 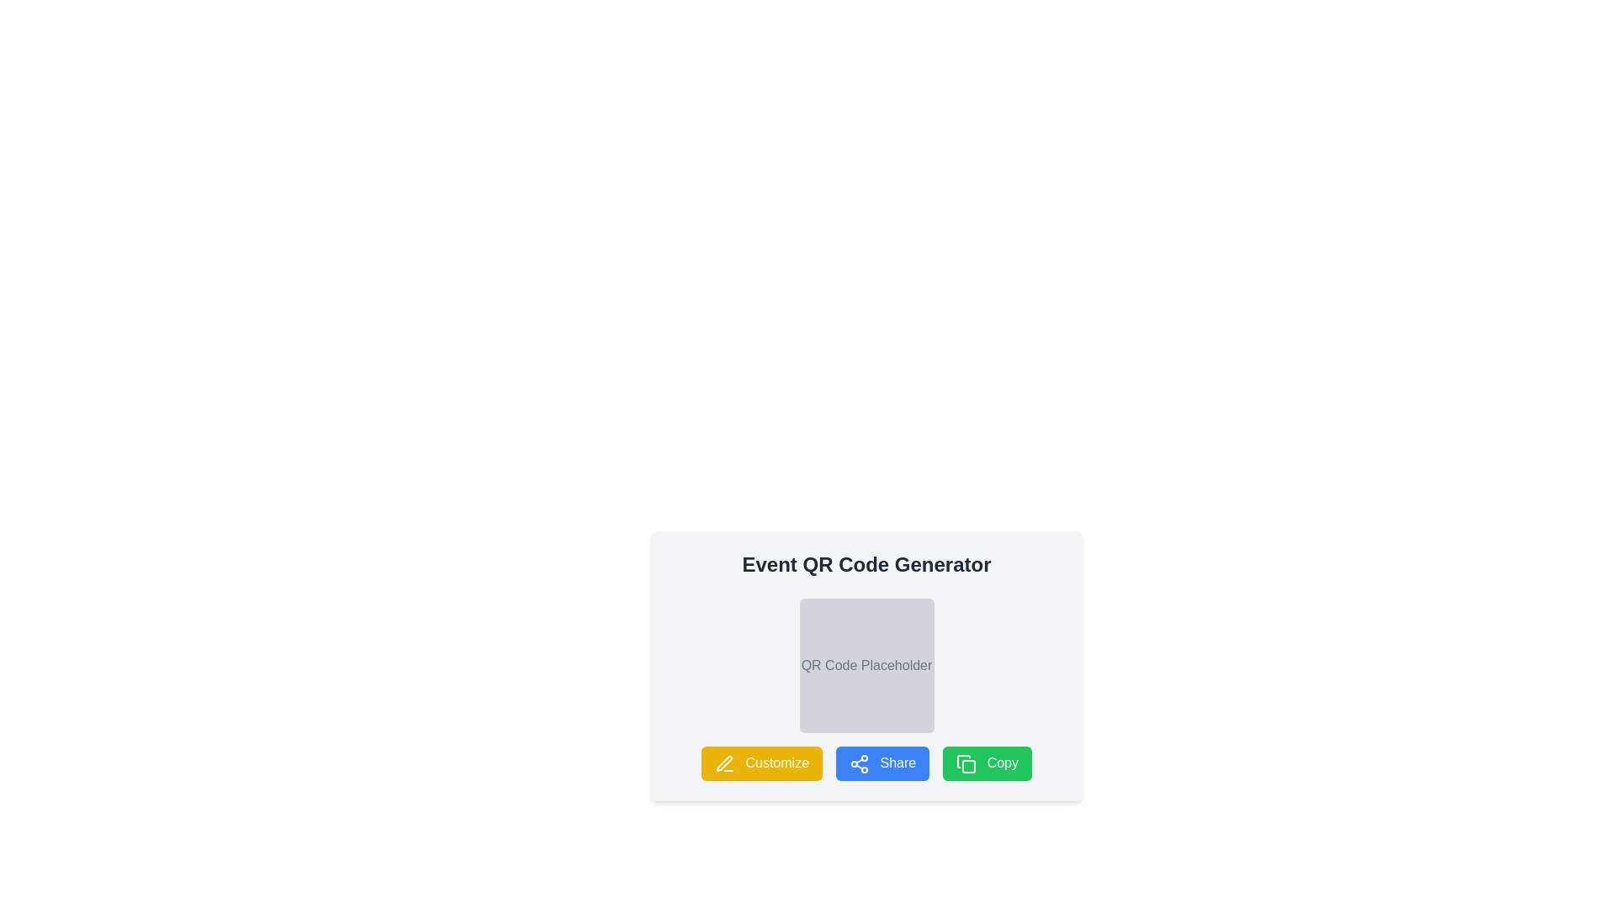 I want to click on the 'Customize' button, which features a pen icon on a yellow background, so click(x=725, y=763).